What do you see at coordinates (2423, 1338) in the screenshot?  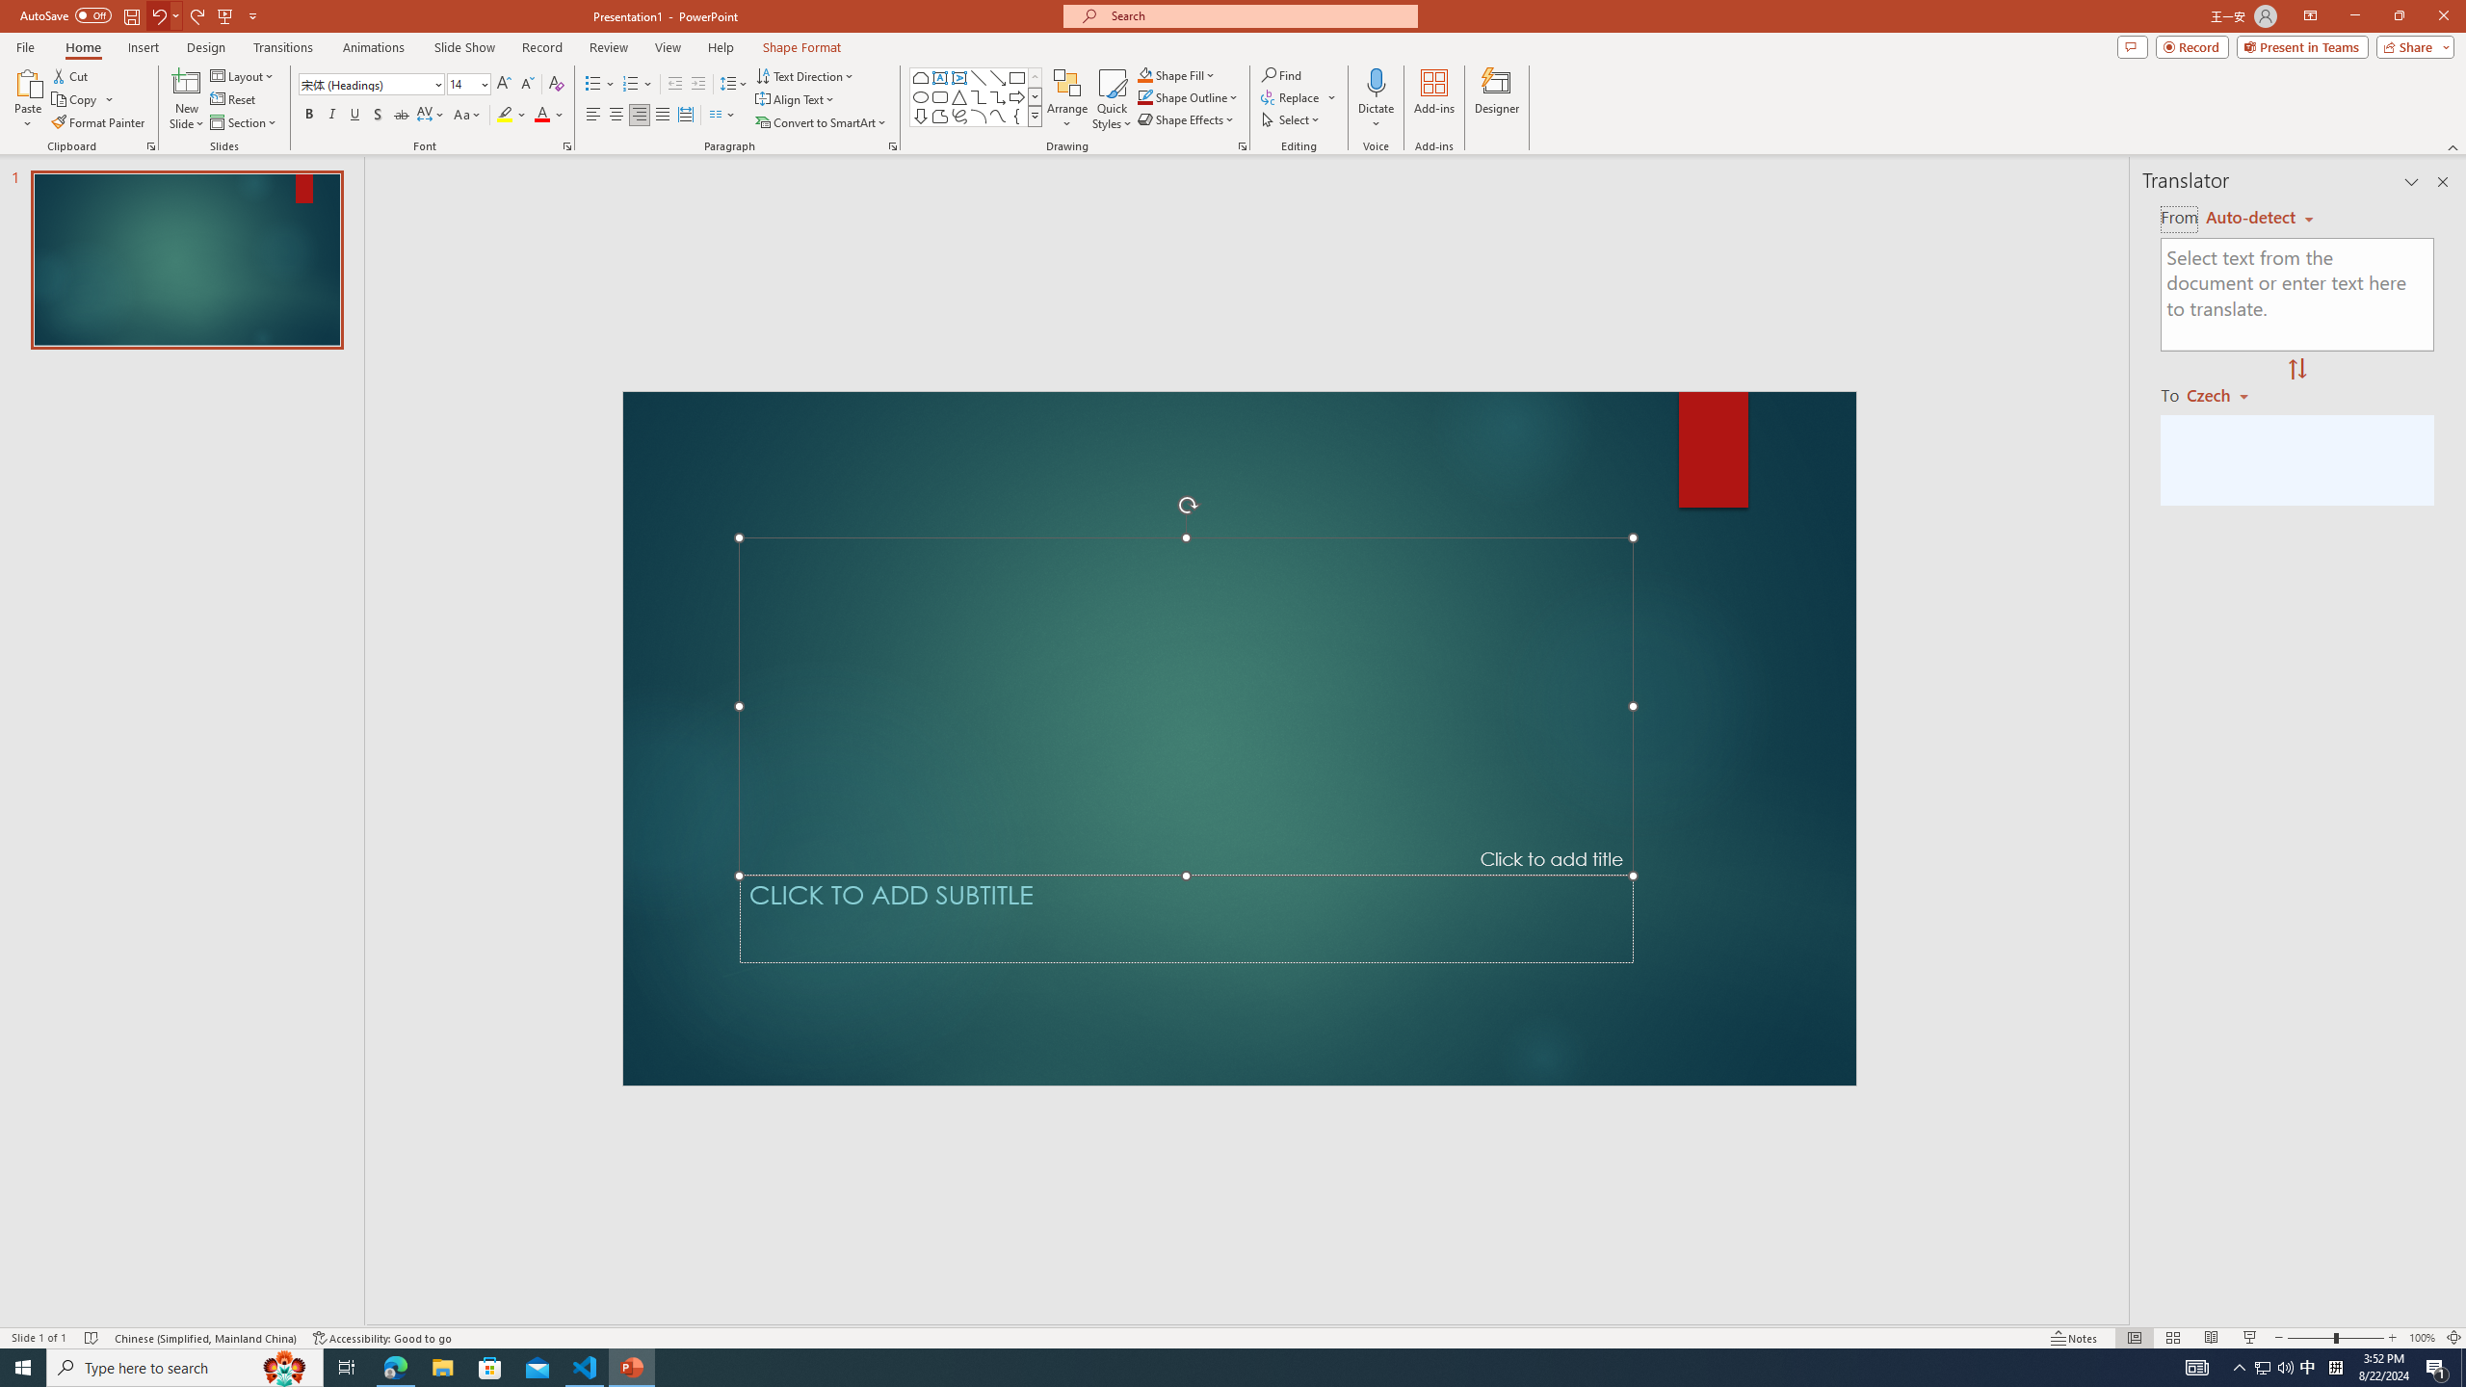 I see `'Zoom 100%'` at bounding box center [2423, 1338].